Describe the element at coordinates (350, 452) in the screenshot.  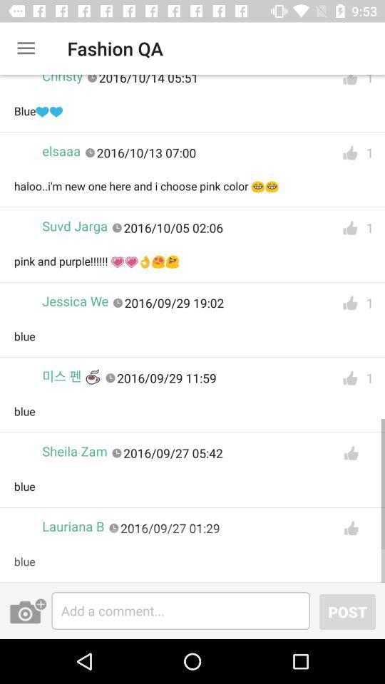
I see `like option` at that location.